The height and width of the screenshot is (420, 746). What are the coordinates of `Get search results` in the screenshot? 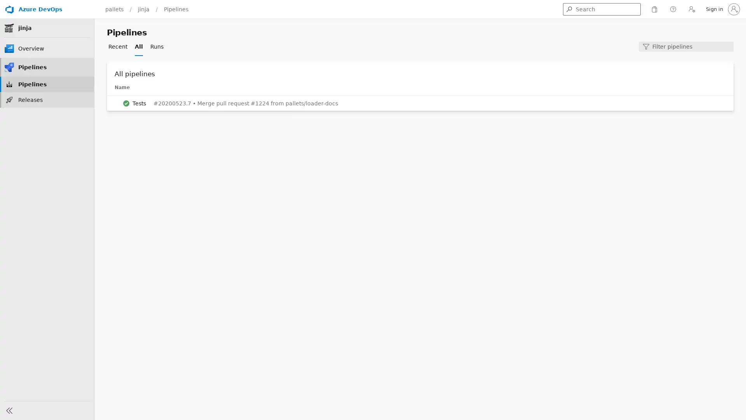 It's located at (569, 9).